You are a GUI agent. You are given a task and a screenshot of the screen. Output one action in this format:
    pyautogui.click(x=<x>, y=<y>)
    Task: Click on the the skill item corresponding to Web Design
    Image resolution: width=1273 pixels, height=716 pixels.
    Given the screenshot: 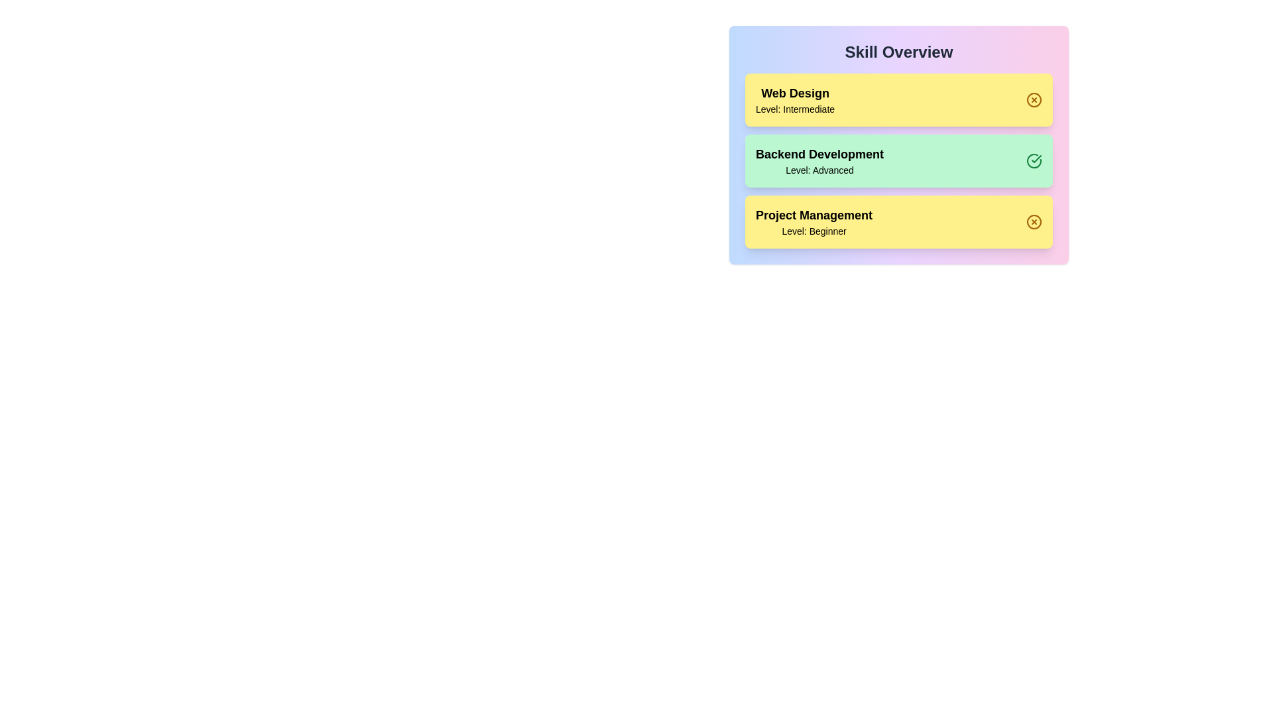 What is the action you would take?
    pyautogui.click(x=899, y=99)
    